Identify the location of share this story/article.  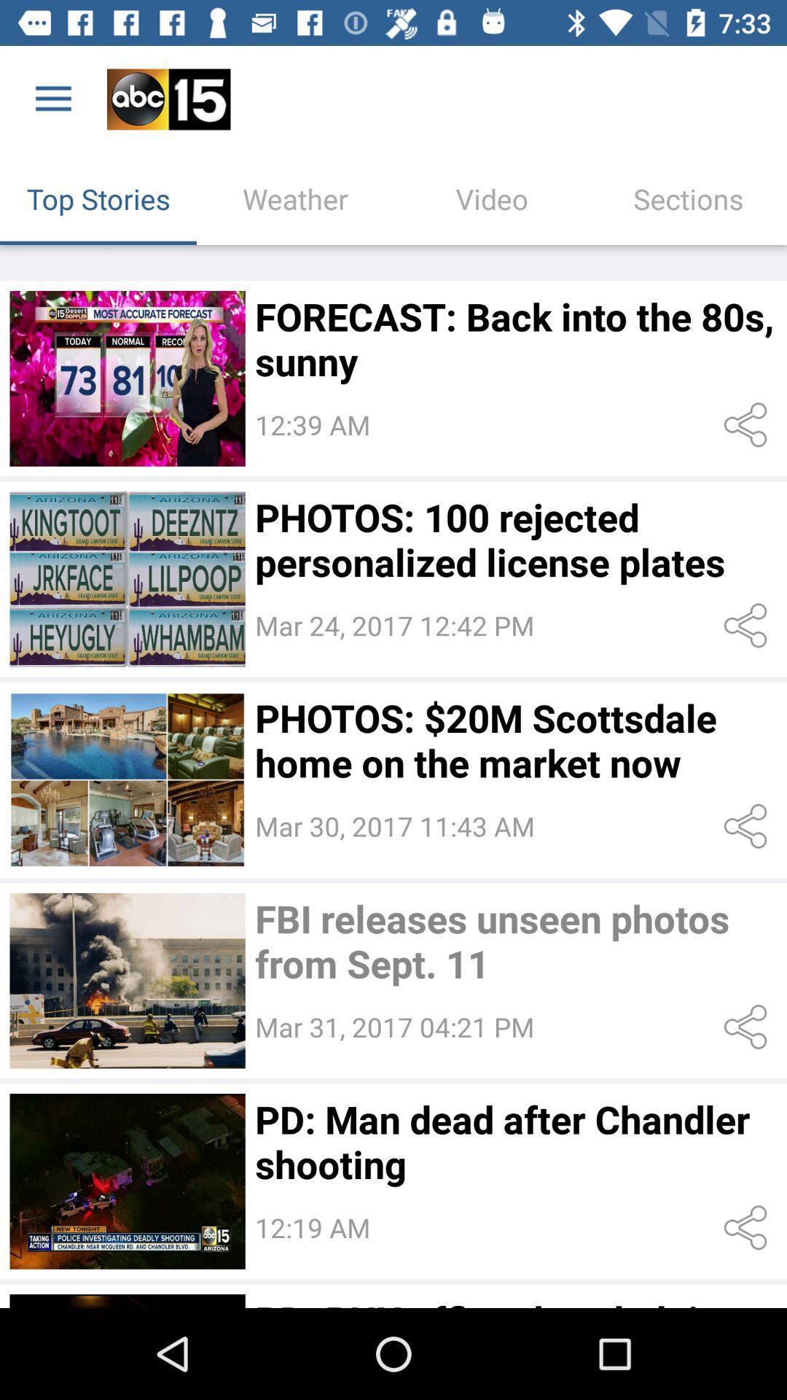
(748, 626).